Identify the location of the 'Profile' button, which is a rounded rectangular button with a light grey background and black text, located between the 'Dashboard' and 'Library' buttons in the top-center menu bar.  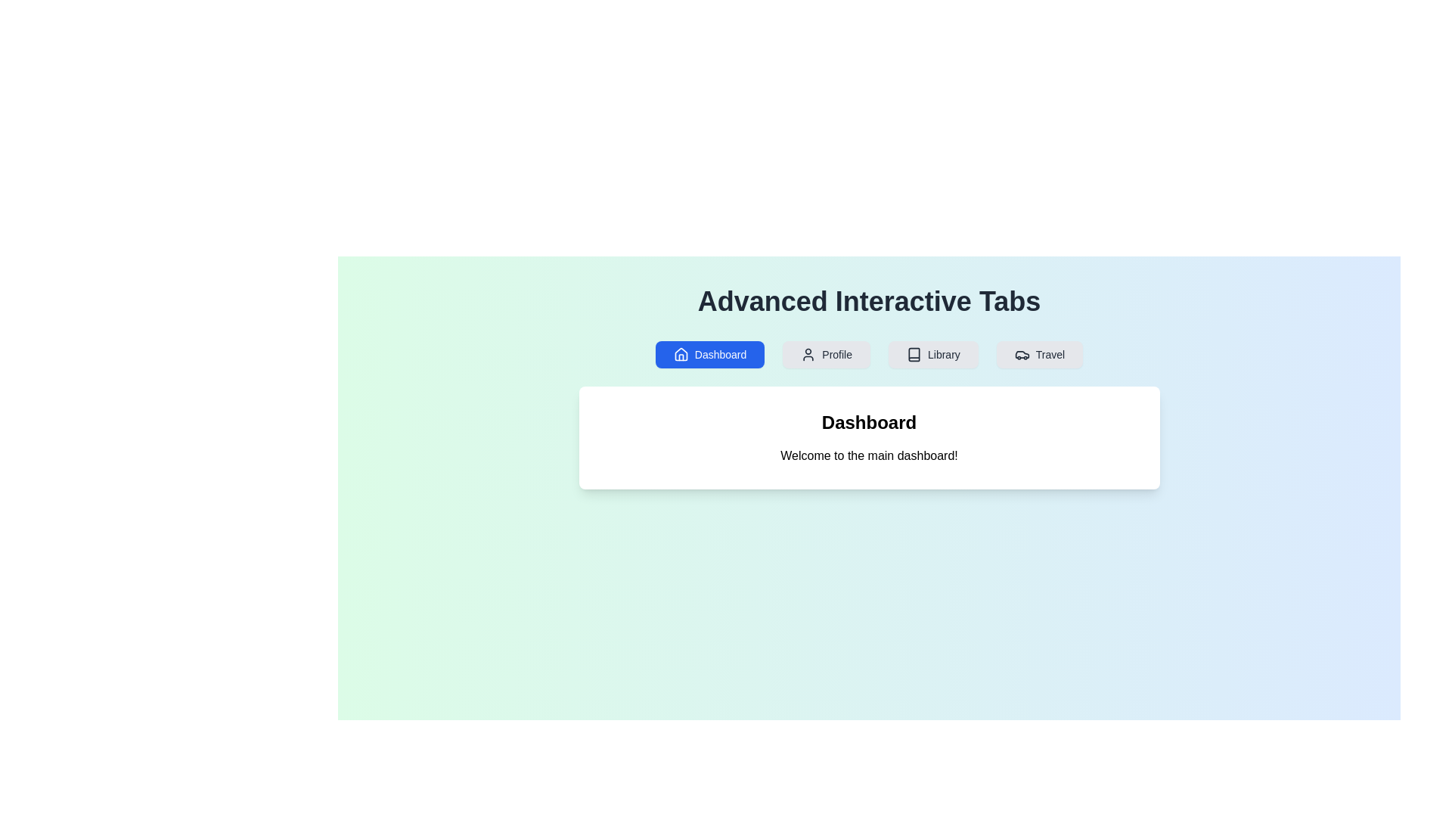
(826, 355).